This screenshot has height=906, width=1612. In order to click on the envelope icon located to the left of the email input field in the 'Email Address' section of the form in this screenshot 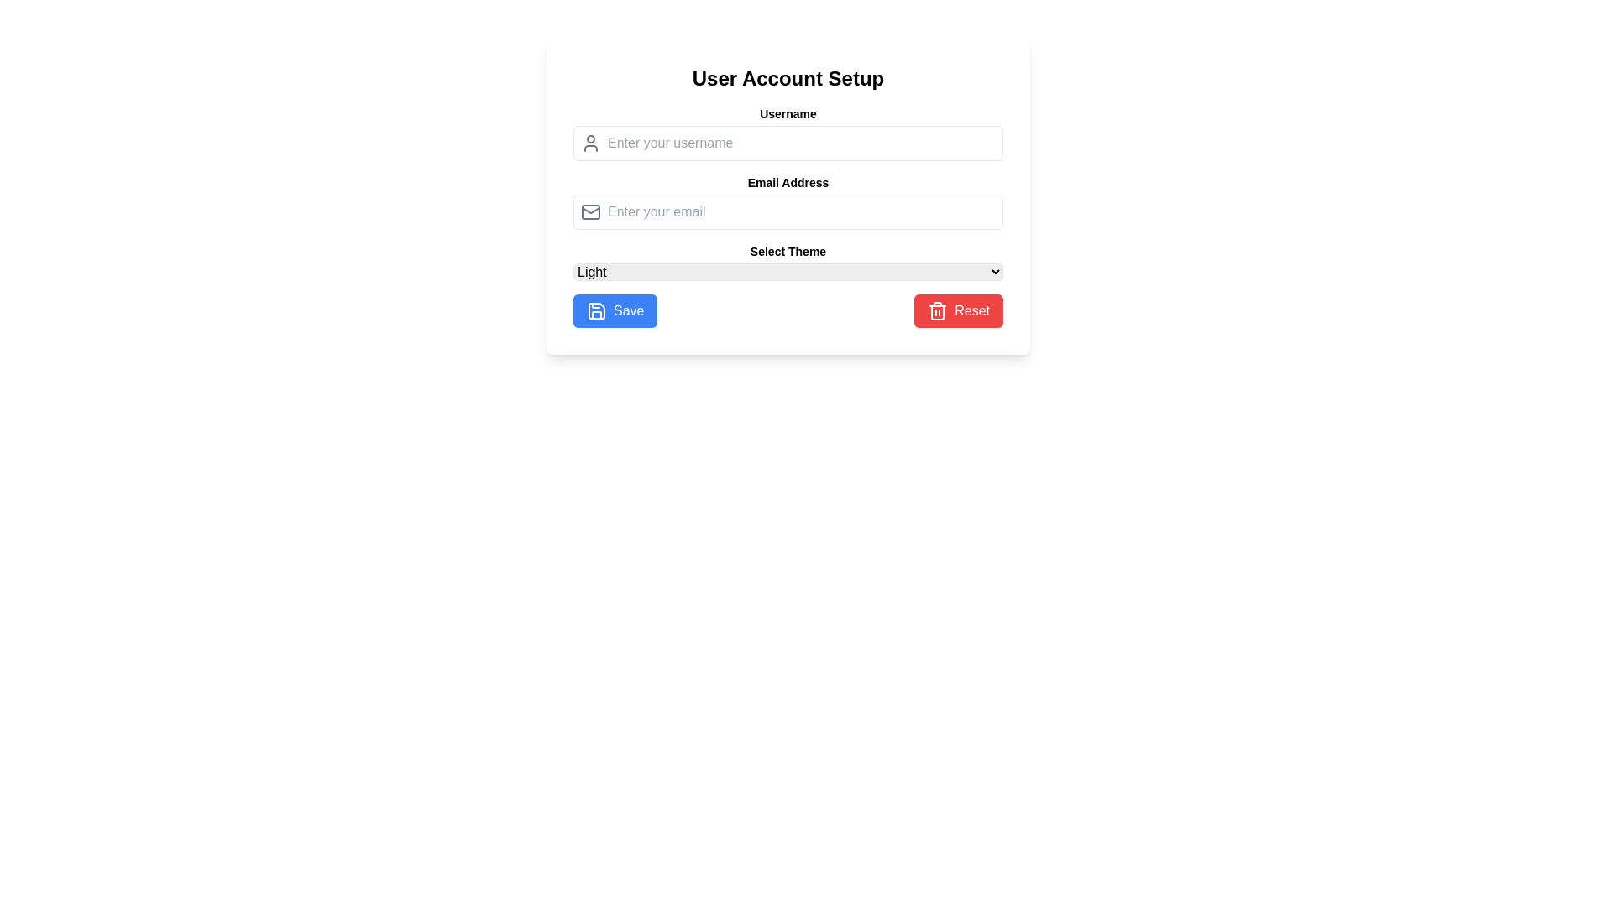, I will do `click(591, 211)`.